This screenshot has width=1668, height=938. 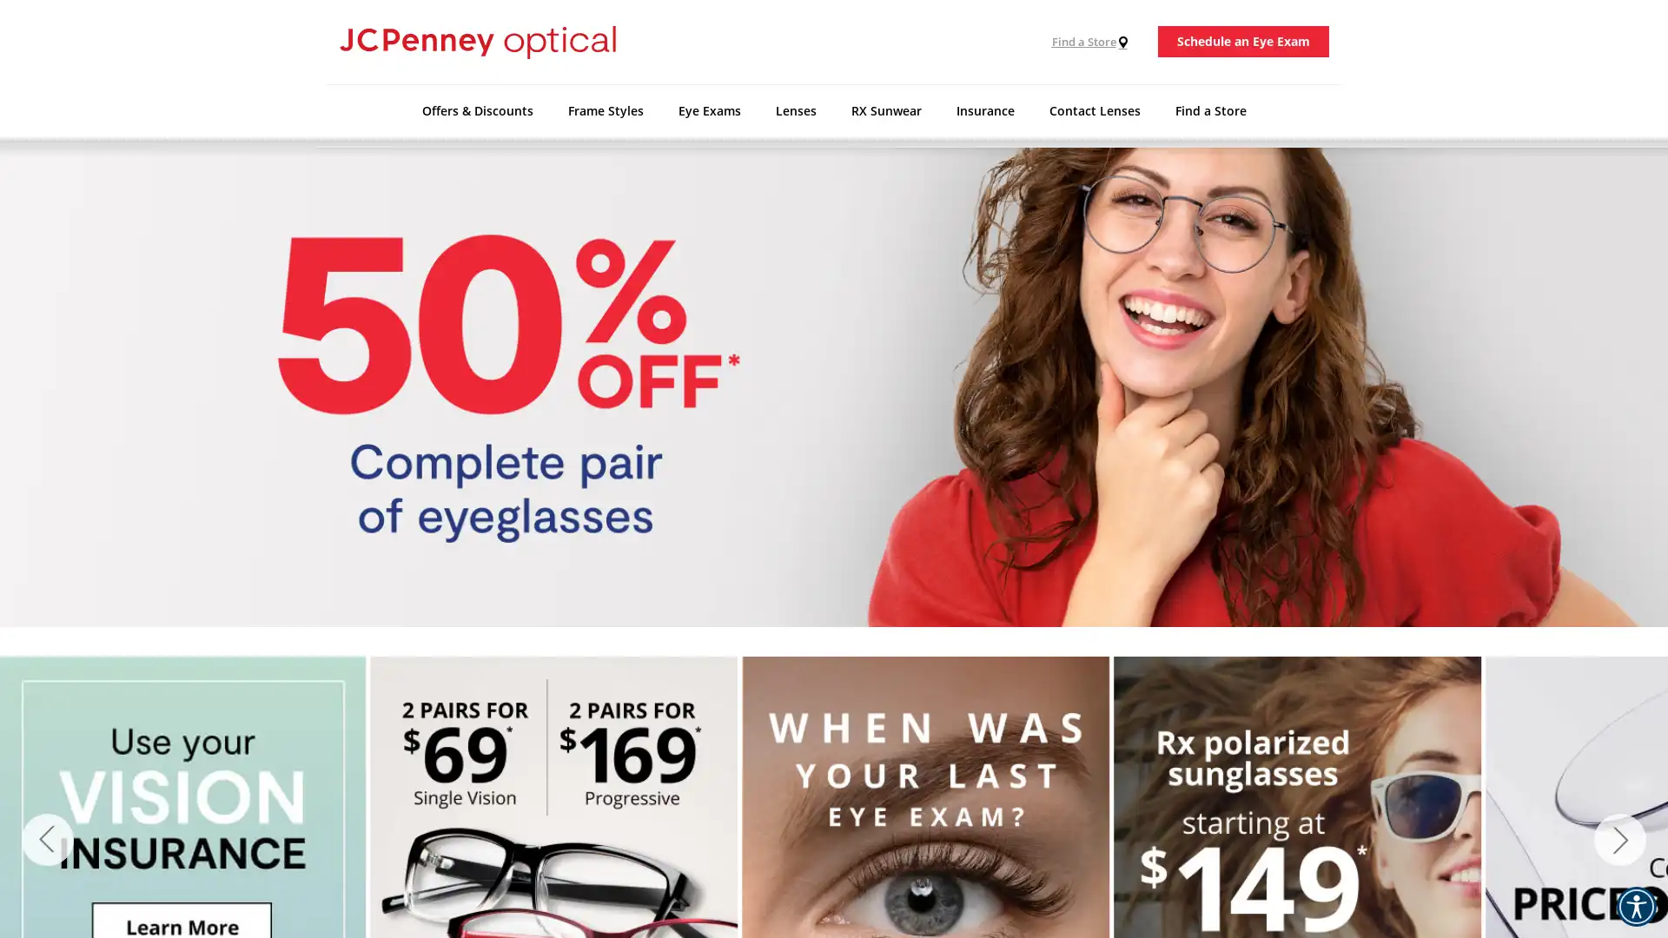 What do you see at coordinates (1635, 906) in the screenshot?
I see `Accessibility Menu` at bounding box center [1635, 906].